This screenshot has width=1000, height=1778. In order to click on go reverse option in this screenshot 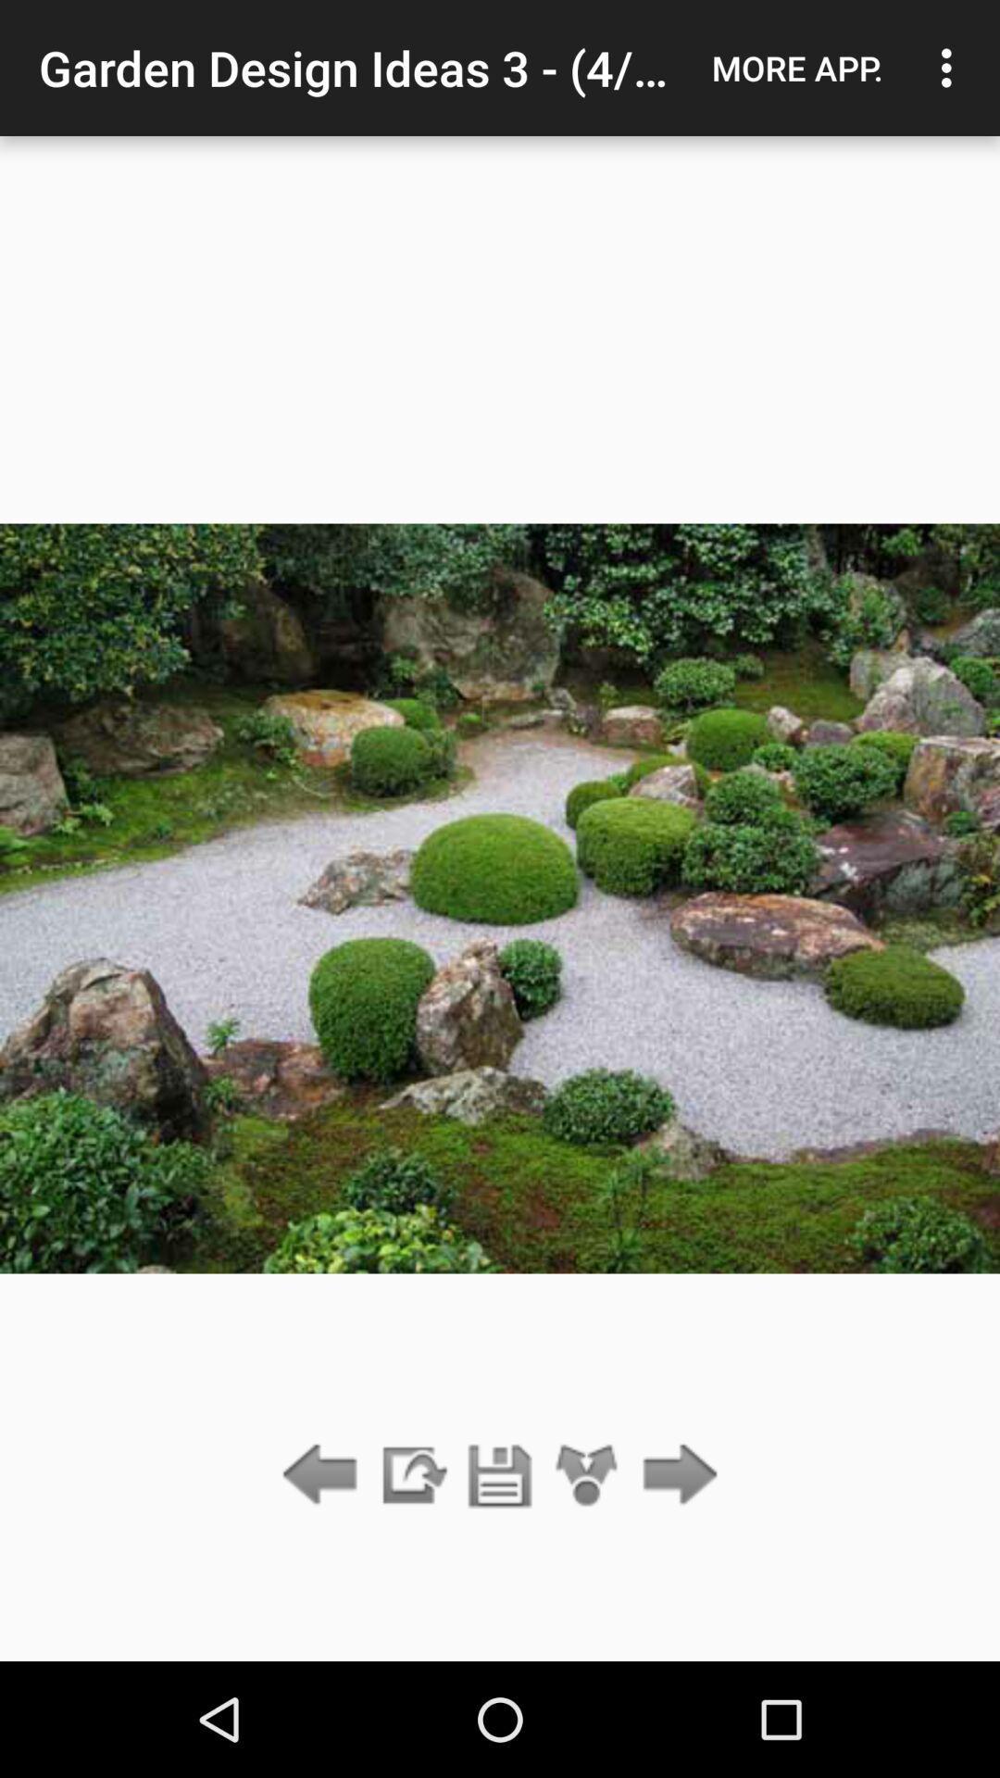, I will do `click(324, 1475)`.